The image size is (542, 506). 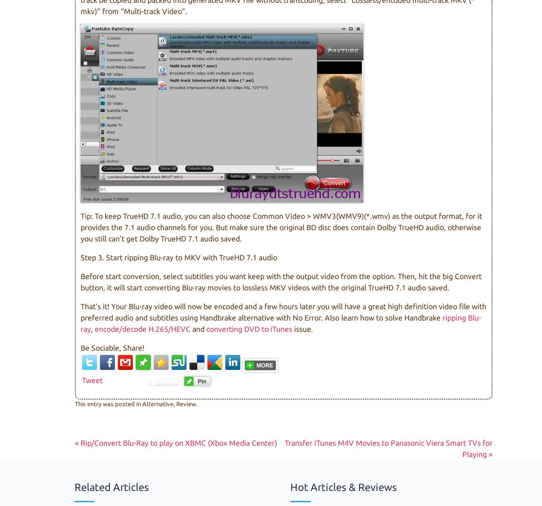 I want to click on 'converting DVD to iTunes', so click(x=206, y=328).